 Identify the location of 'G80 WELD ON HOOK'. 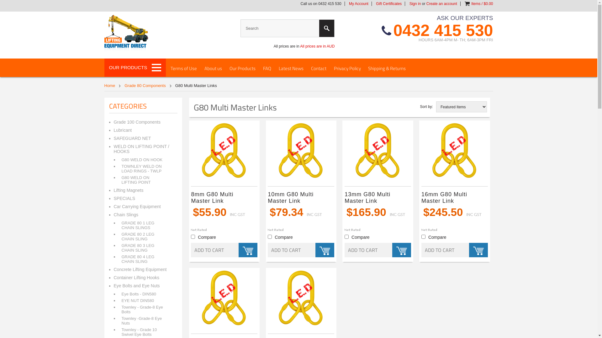
(143, 159).